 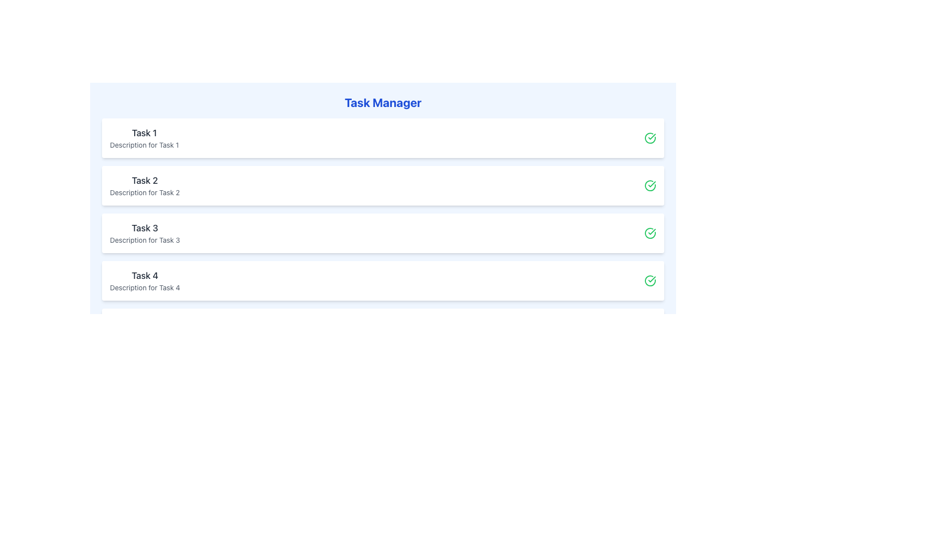 I want to click on text from the text label displaying 'Task 1' located at the top-left corner of the first task card, so click(x=144, y=133).